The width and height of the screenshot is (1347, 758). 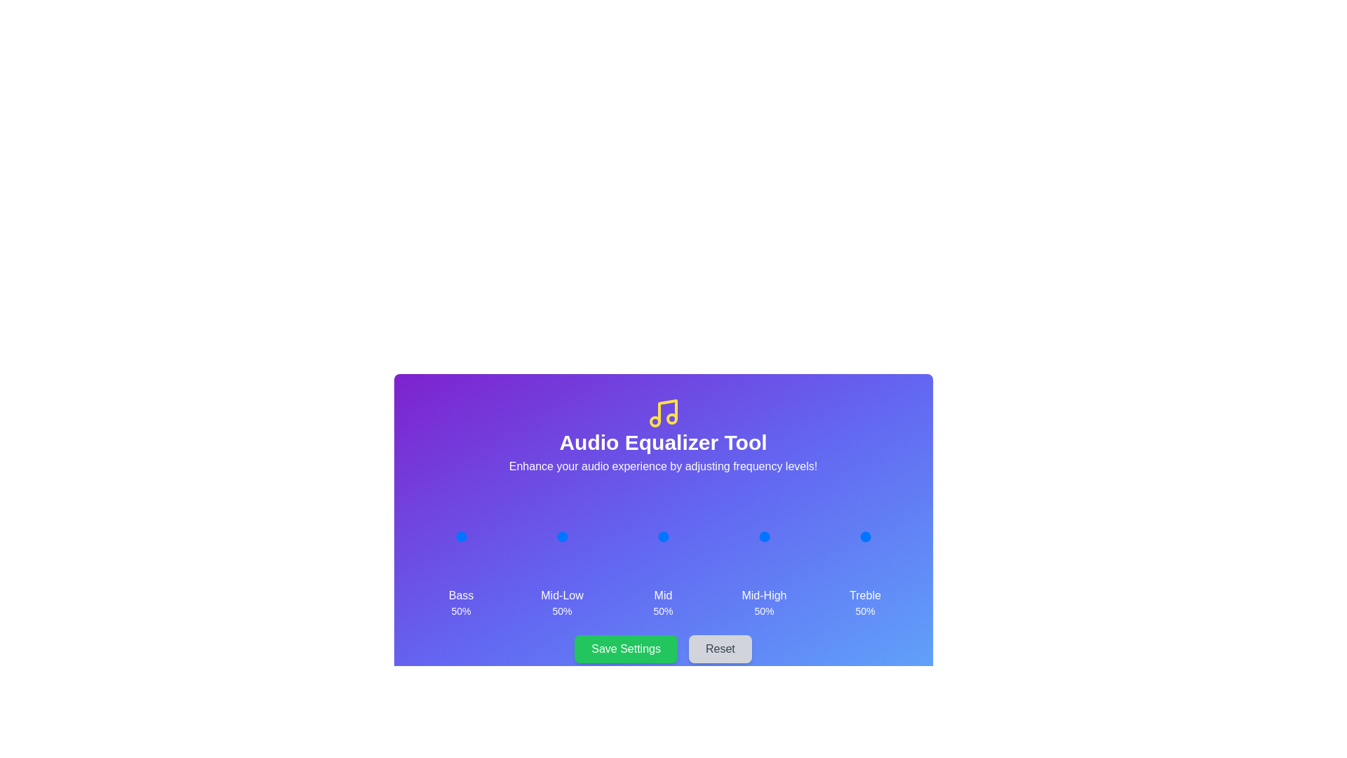 What do you see at coordinates (625, 649) in the screenshot?
I see `the Save Settings Button to observe hover effects` at bounding box center [625, 649].